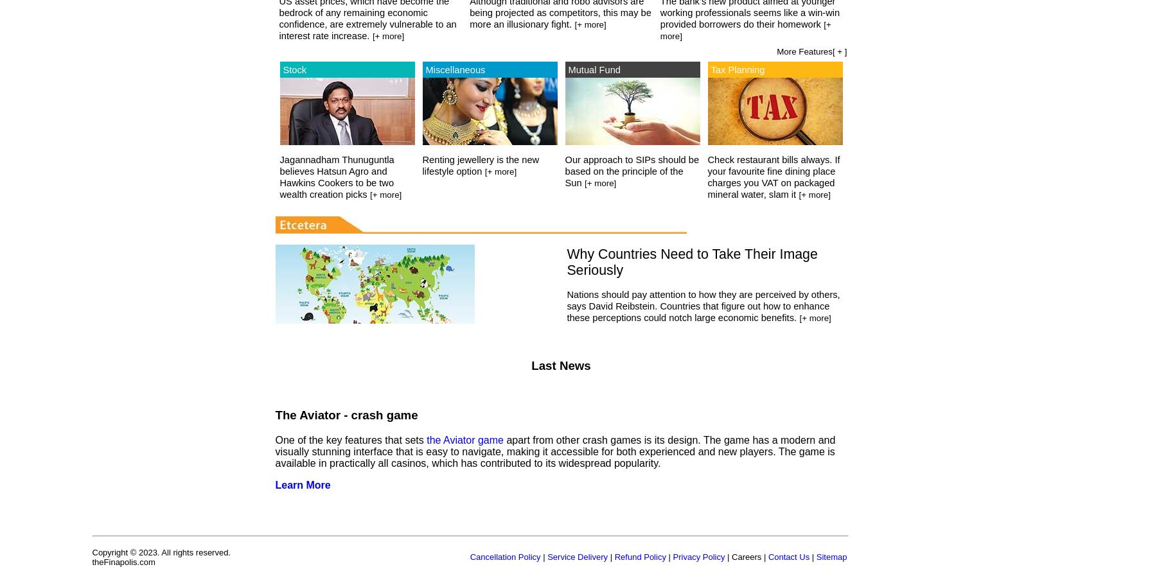 This screenshot has width=1150, height=567. I want to click on 'Tax Planning', so click(737, 68).